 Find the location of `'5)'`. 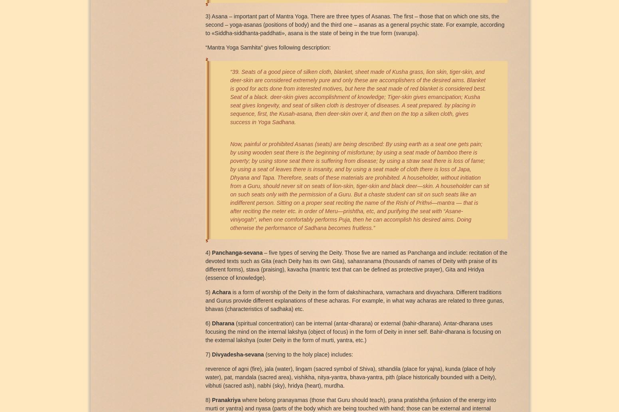

'5)' is located at coordinates (208, 291).